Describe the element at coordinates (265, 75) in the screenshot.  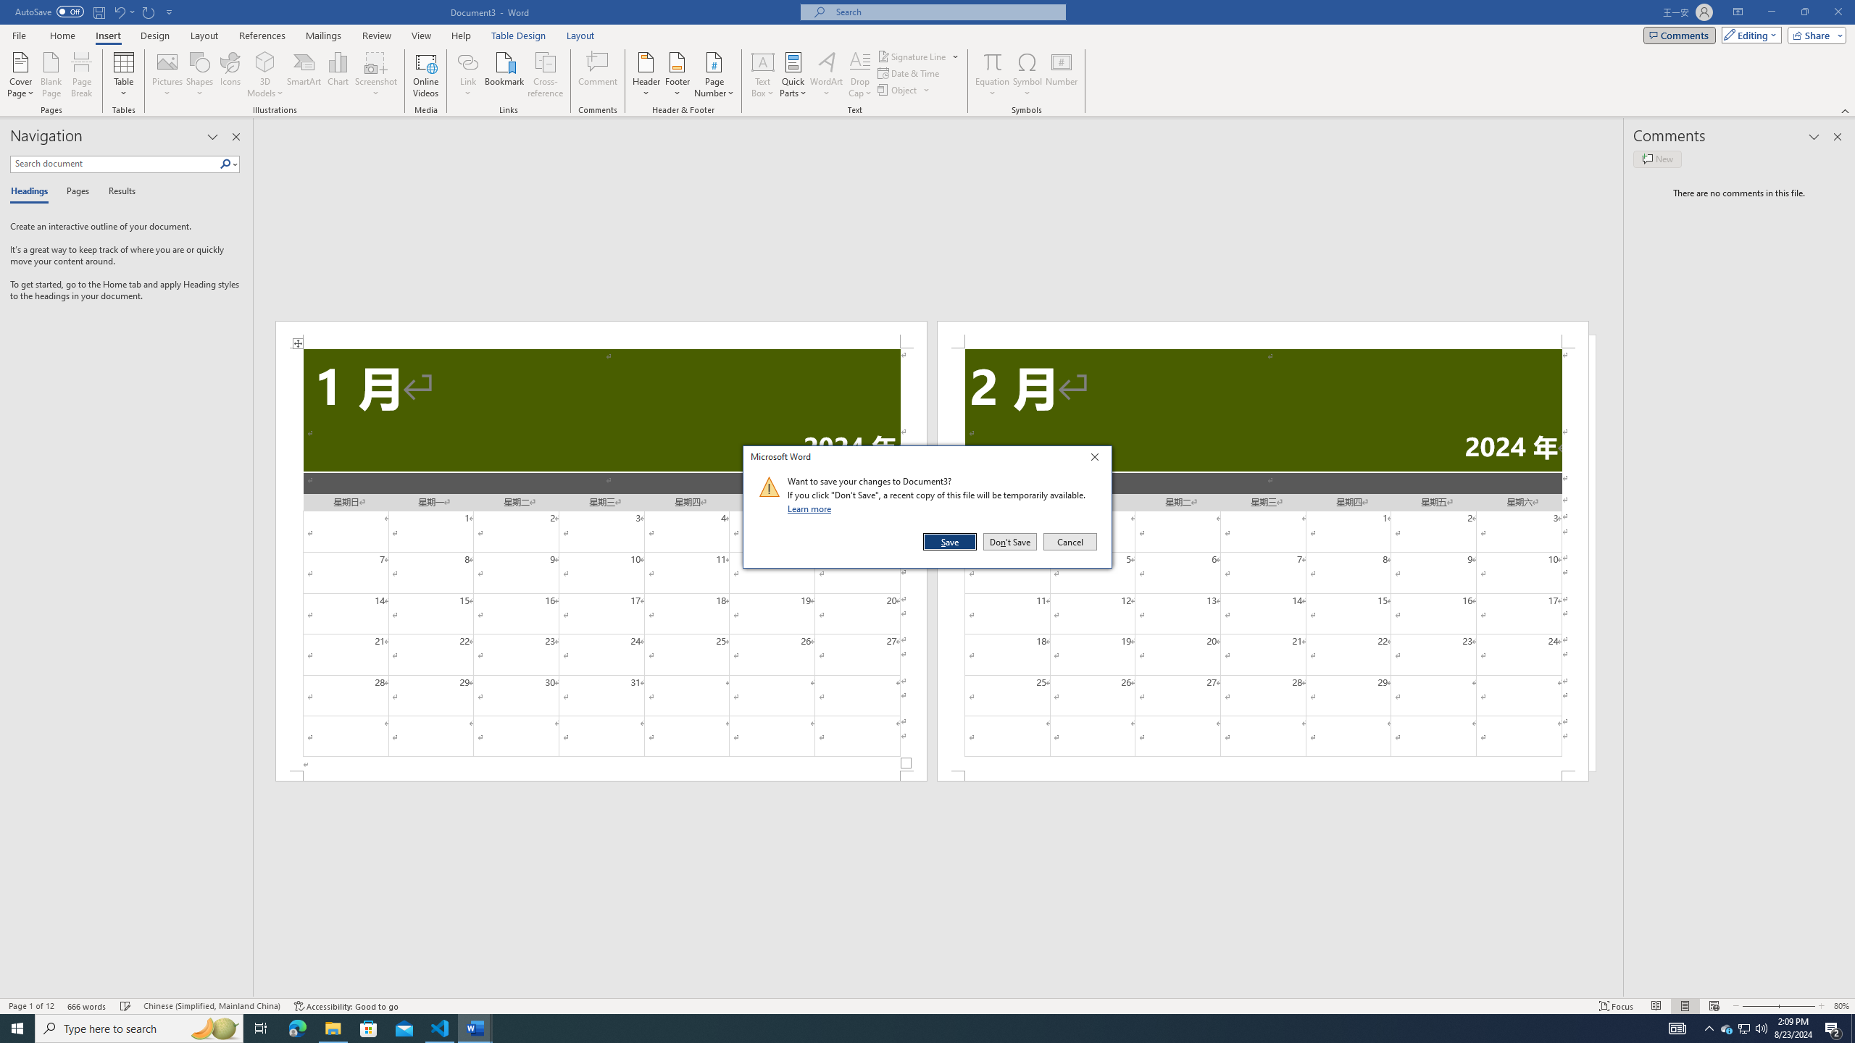
I see `'3D Models'` at that location.